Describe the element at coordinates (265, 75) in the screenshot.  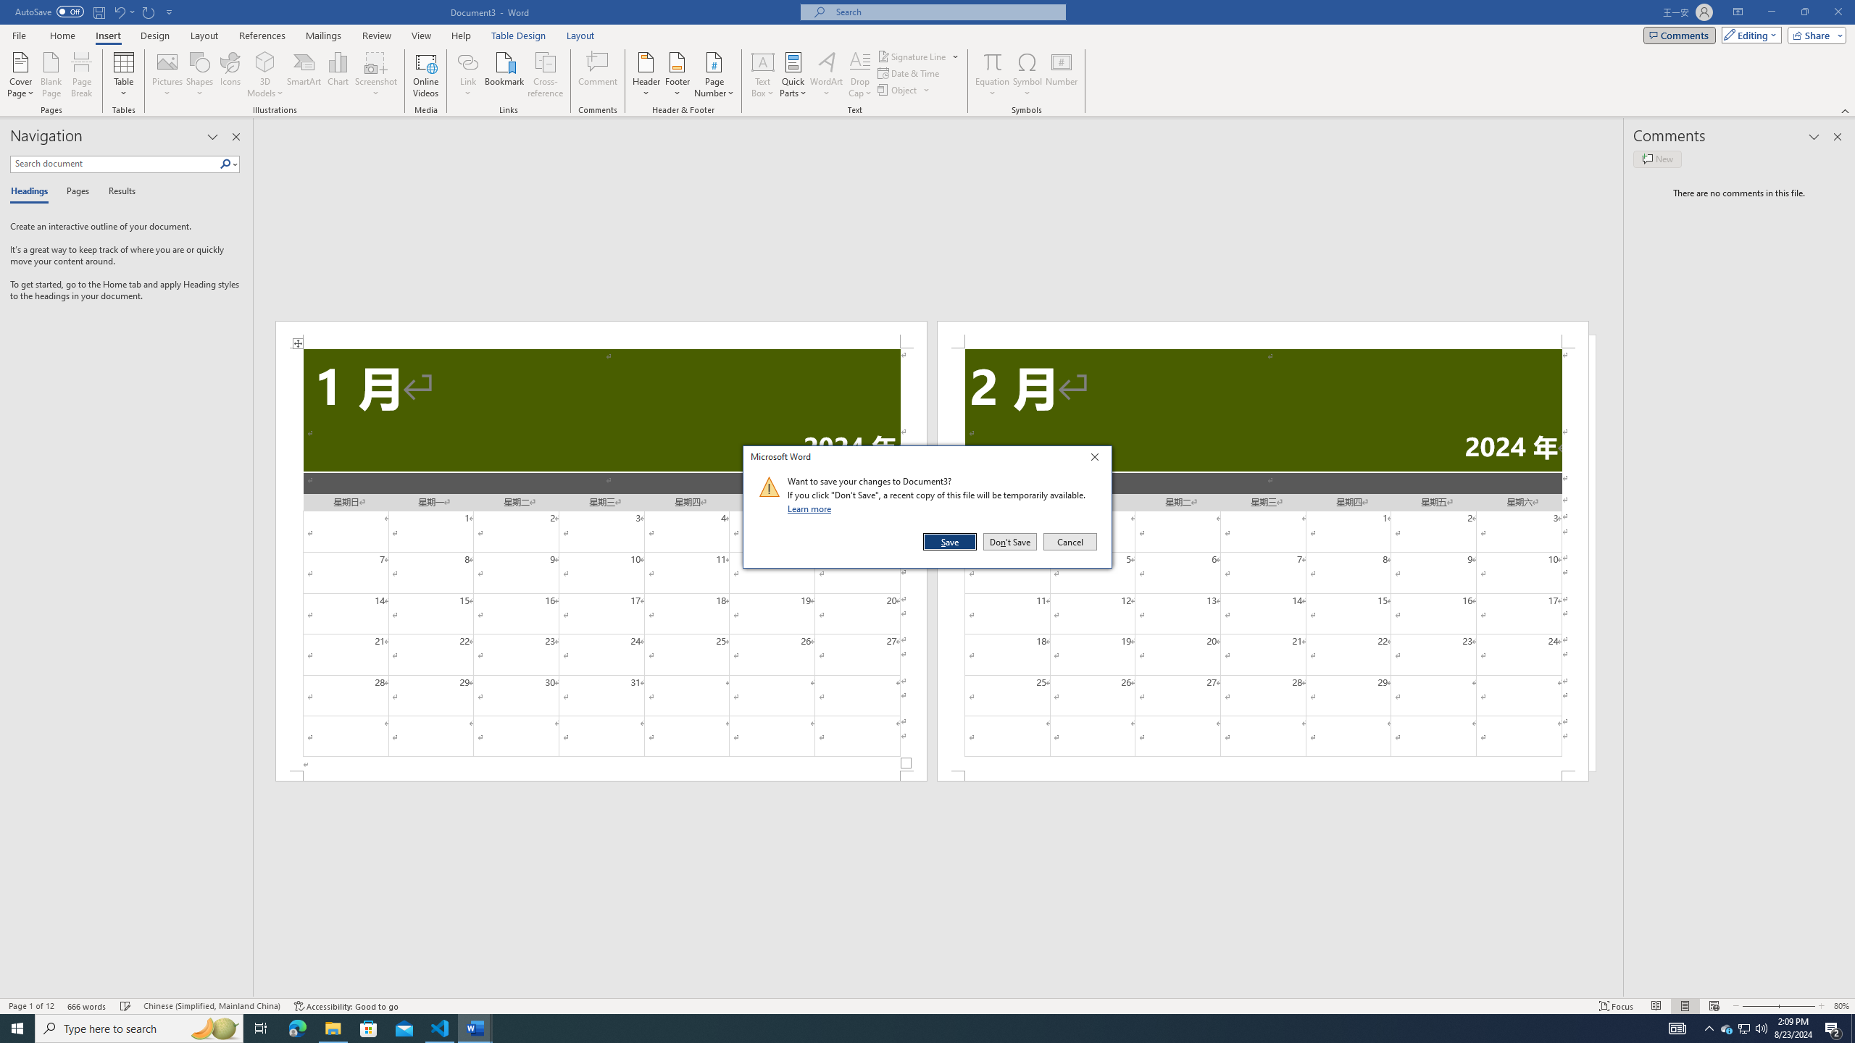
I see `'3D Models'` at that location.